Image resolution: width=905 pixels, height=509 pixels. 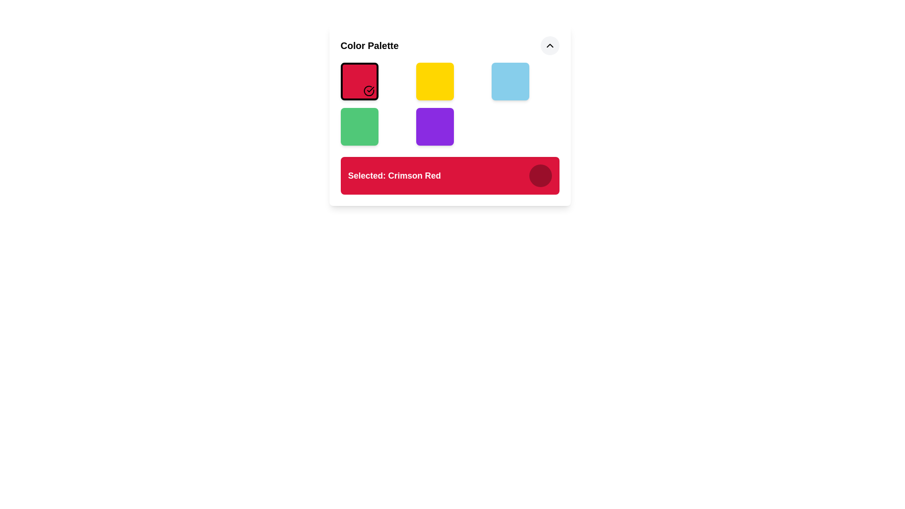 I want to click on the crimson red selection icon in the color palette, located at the bottom-right corner of the red square in the top-left grid position, so click(x=370, y=89).